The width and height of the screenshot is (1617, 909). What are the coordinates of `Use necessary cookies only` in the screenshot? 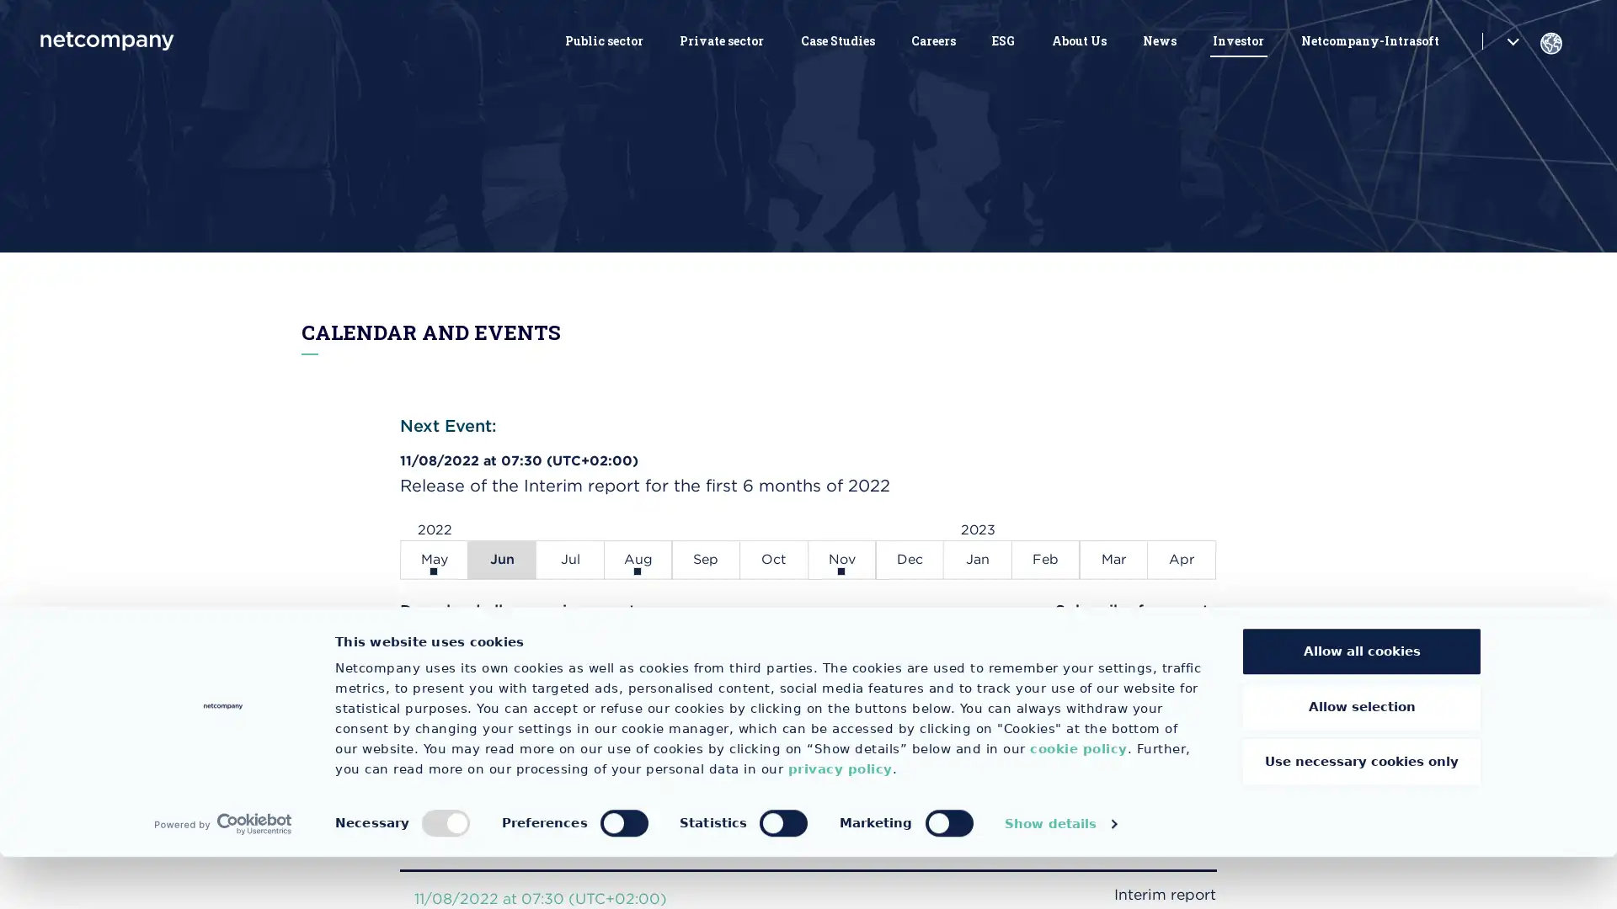 It's located at (1362, 813).